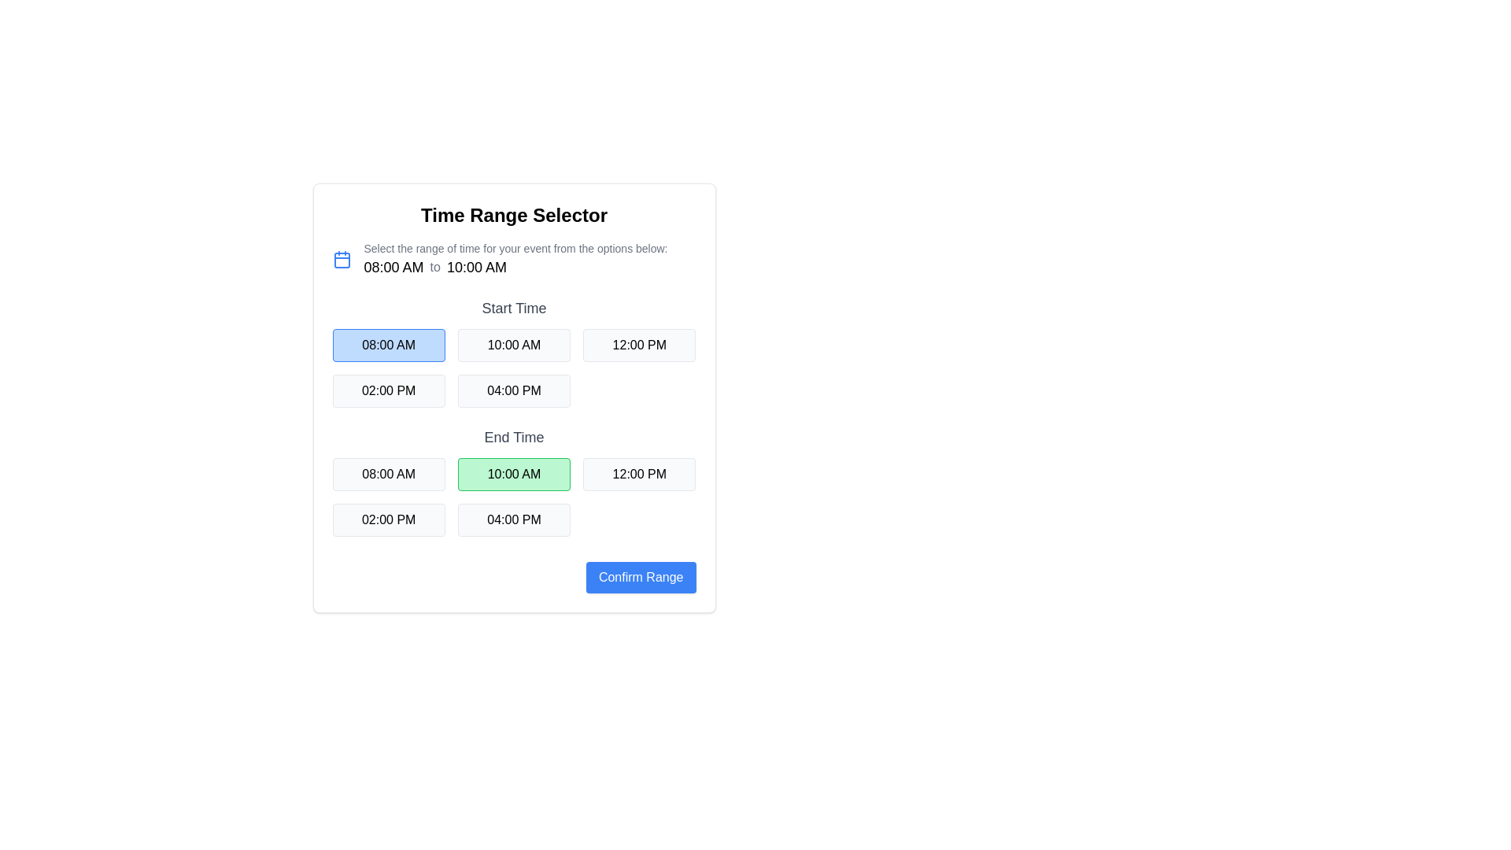 This screenshot has height=850, width=1511. Describe the element at coordinates (389, 345) in the screenshot. I see `the selectable time option button located at the top-left corner of the grid layout to change its background color` at that location.